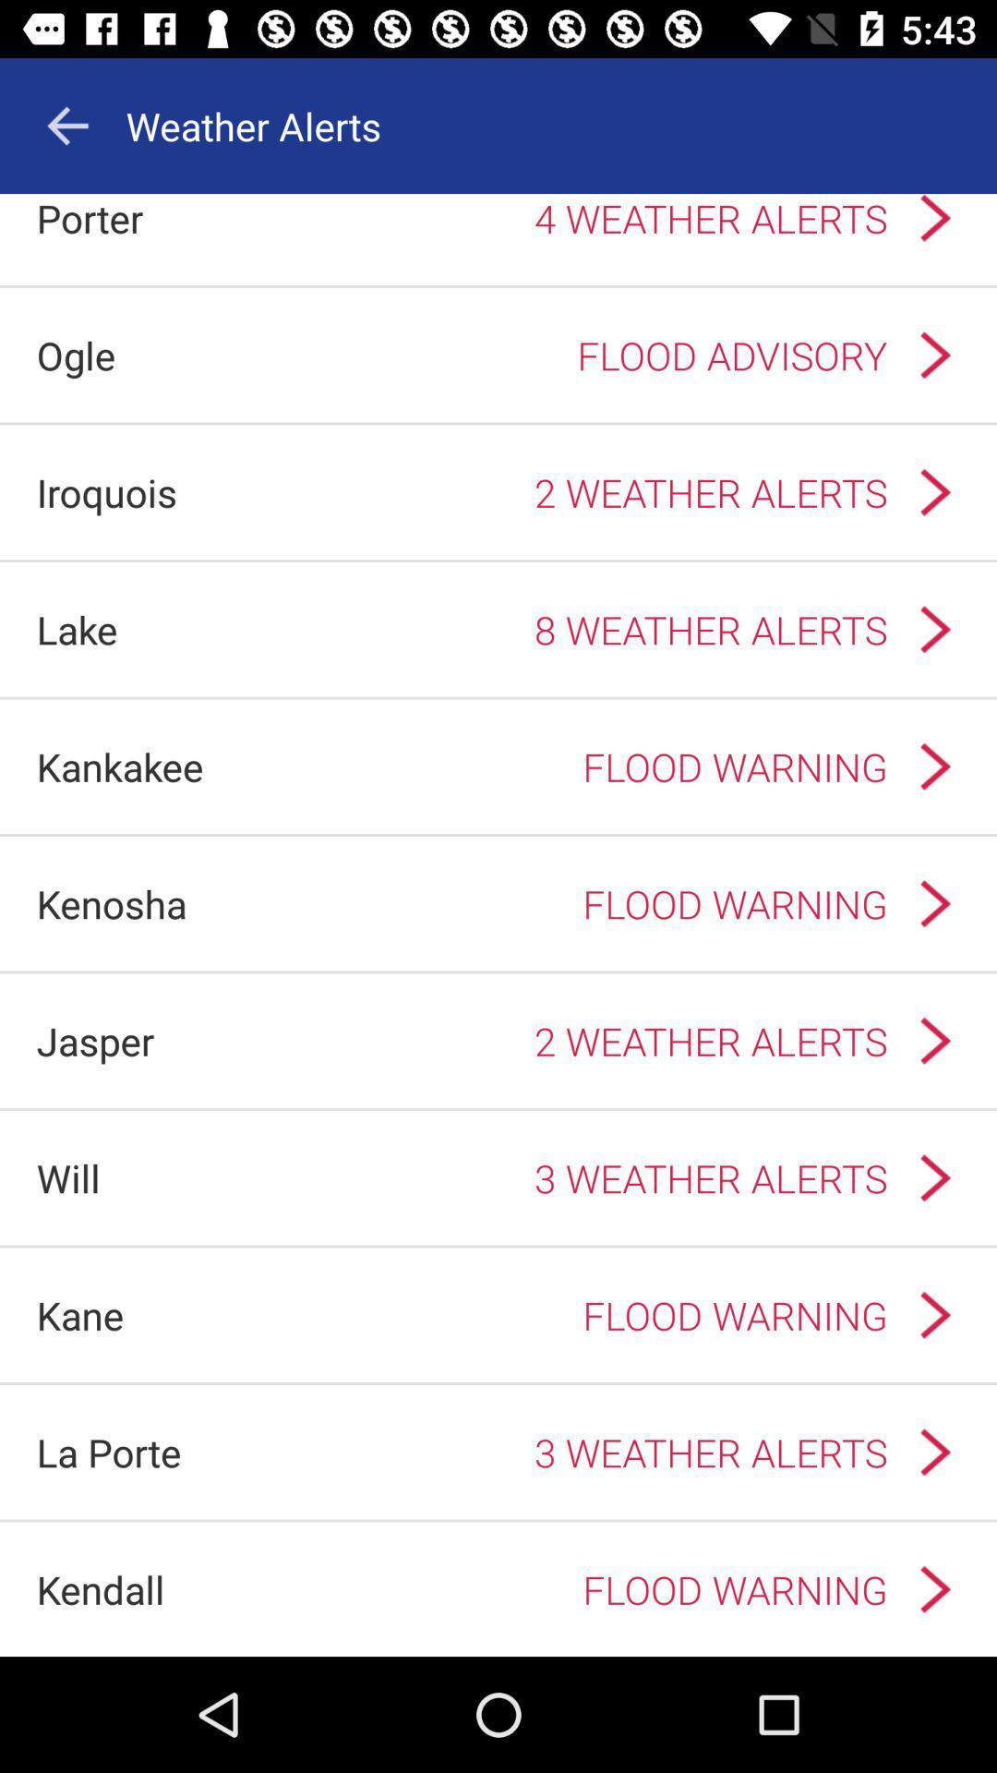 This screenshot has width=997, height=1773. I want to click on kane icon, so click(79, 1314).